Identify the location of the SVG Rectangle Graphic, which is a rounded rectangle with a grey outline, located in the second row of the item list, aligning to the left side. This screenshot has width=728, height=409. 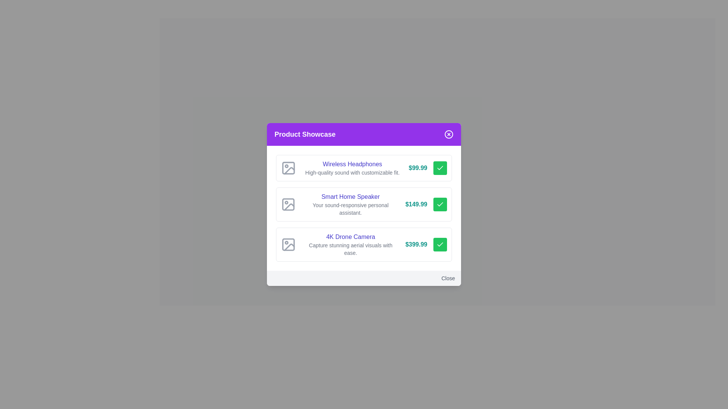
(288, 204).